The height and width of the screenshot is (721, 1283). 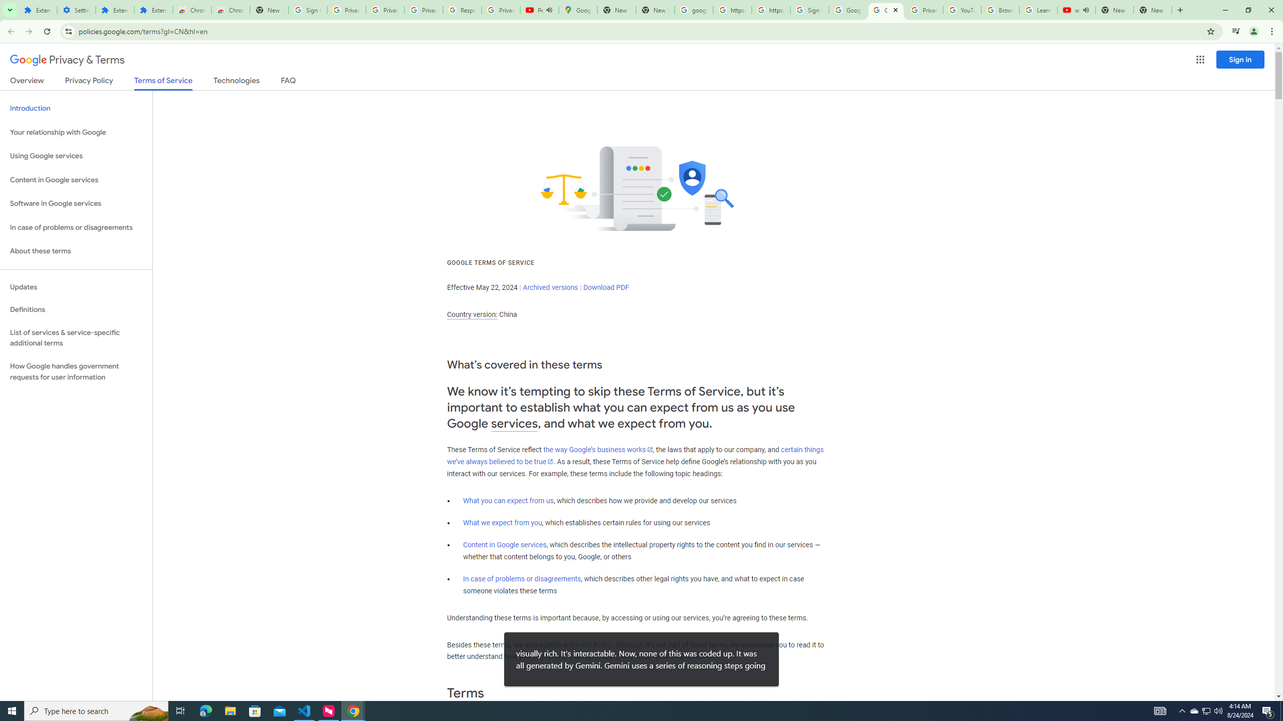 What do you see at coordinates (76, 10) in the screenshot?
I see `'Settings'` at bounding box center [76, 10].